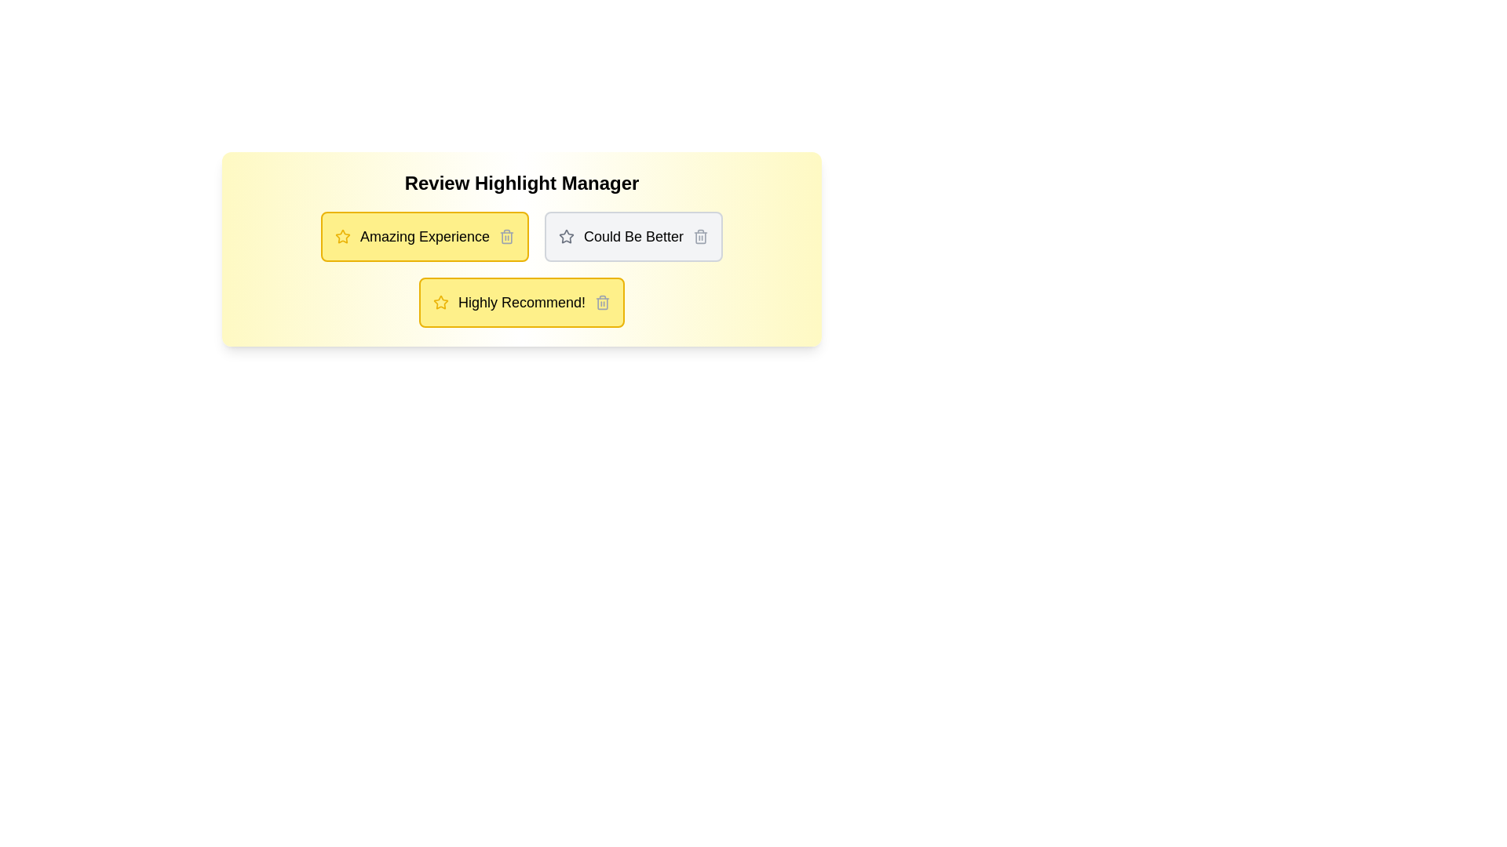 The width and height of the screenshot is (1507, 847). I want to click on the trash icon for the review titled Amazing Experience, so click(507, 236).